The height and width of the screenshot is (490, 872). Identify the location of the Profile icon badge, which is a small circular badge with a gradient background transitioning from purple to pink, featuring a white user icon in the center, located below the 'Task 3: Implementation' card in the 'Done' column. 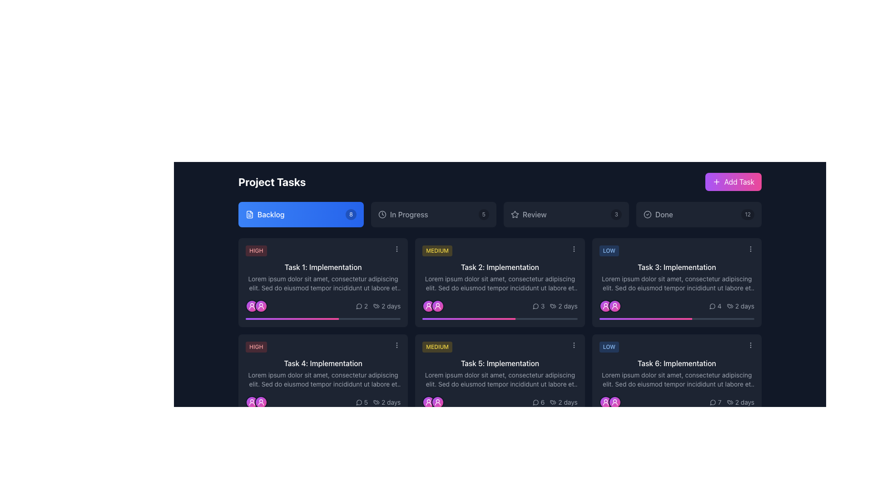
(605, 306).